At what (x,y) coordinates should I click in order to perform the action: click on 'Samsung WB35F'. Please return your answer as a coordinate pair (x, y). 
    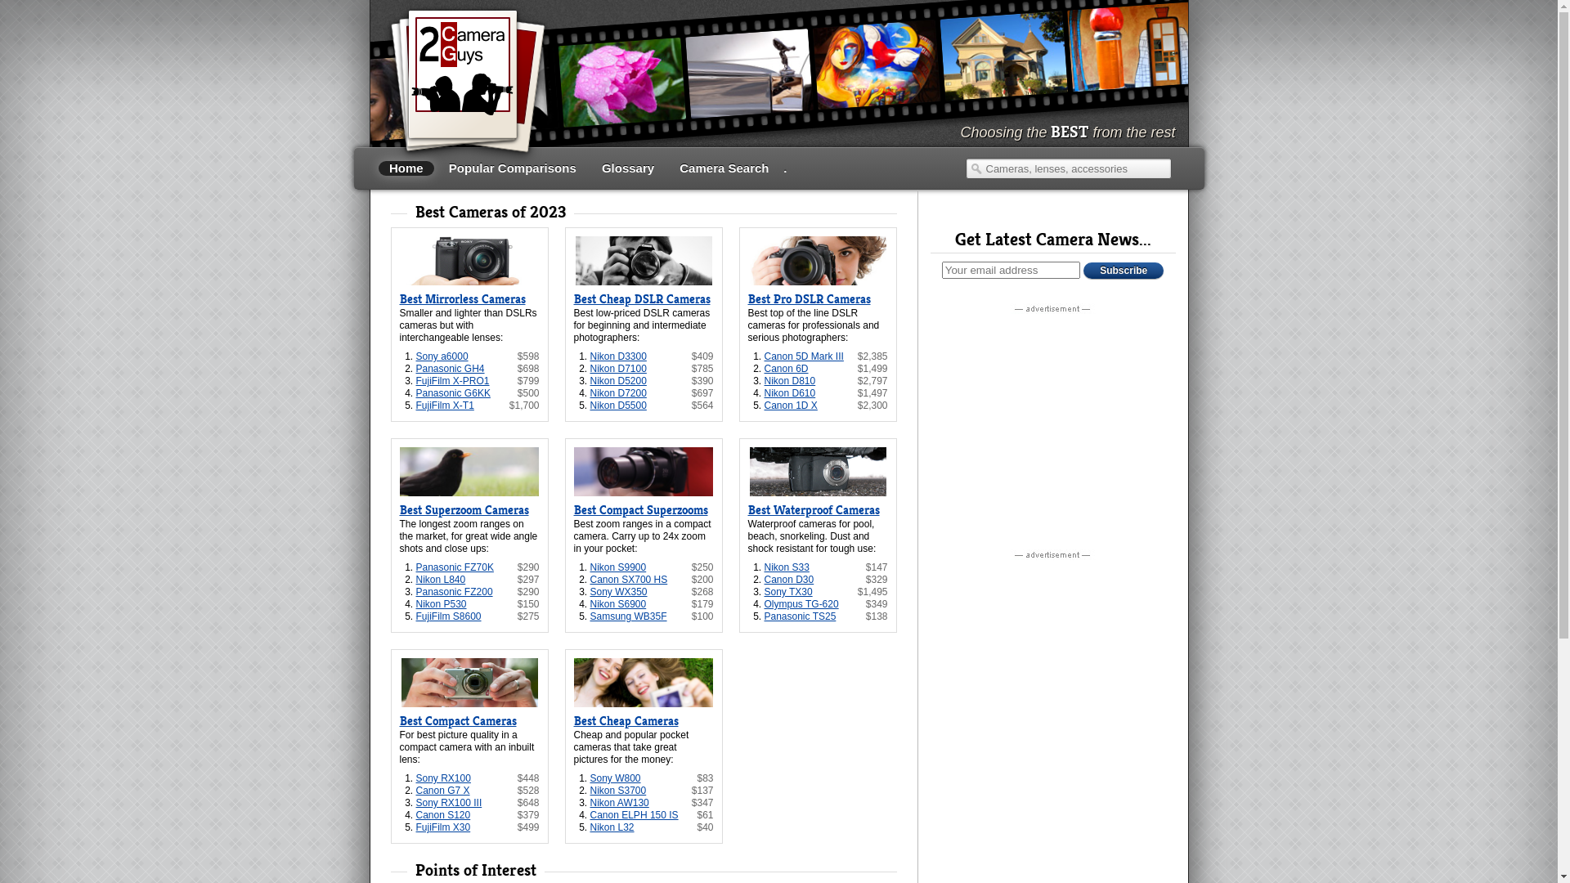
    Looking at the image, I should click on (589, 616).